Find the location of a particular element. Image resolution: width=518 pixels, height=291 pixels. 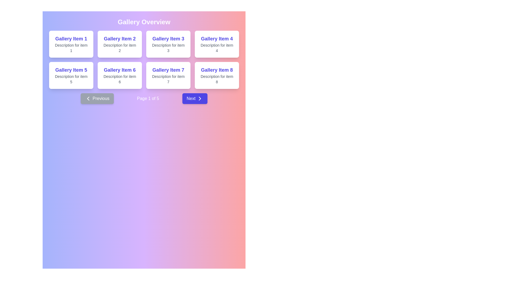

the text label displaying 'Gallery Item 1' in bold indigo font located at the top center of the first card in the gallery interface is located at coordinates (71, 38).